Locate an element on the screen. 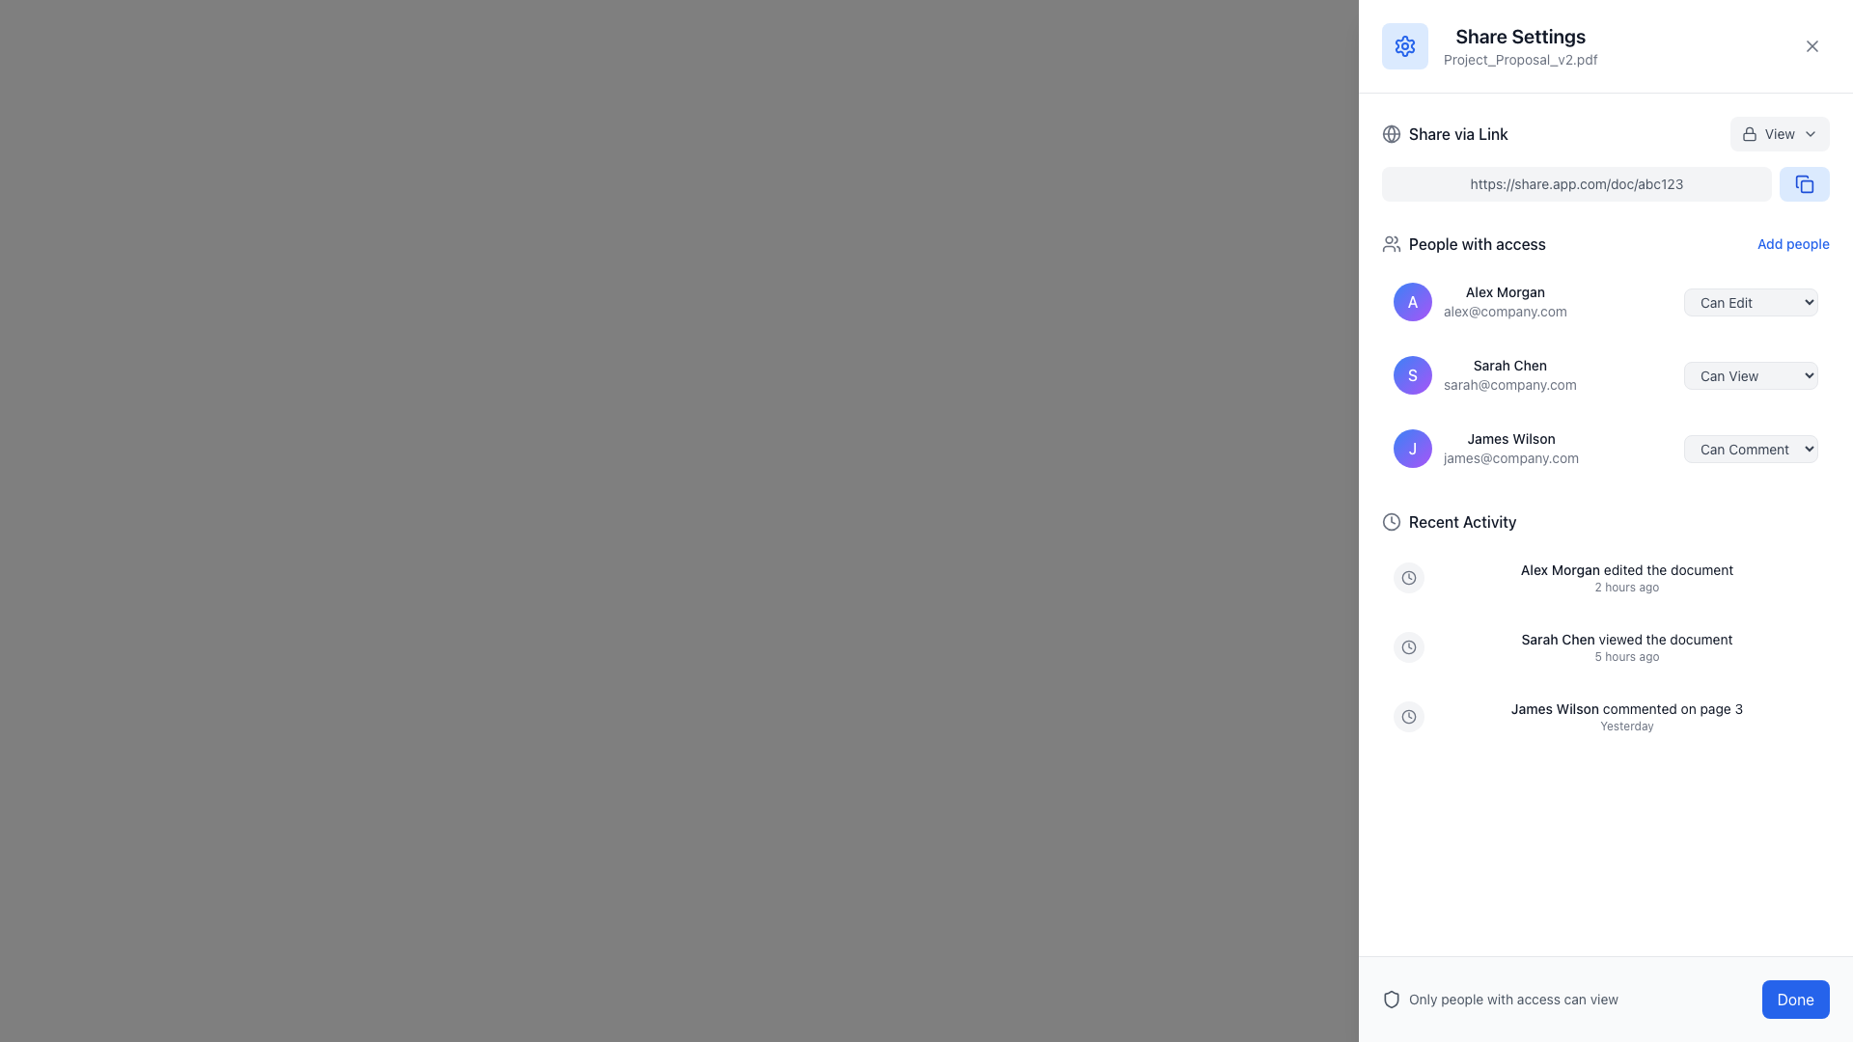  the 'Share Settings' text label, which is a bold, large font label in dark color on a light background, located at the top of the side panel is located at coordinates (1519, 37).